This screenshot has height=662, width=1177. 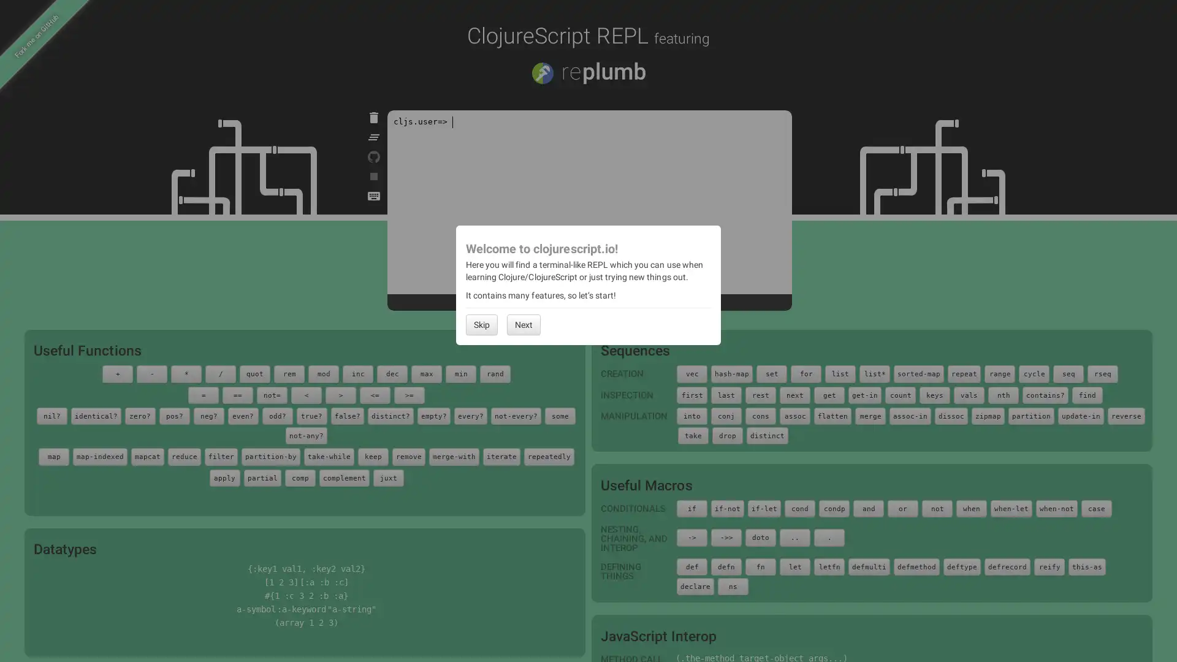 What do you see at coordinates (100, 456) in the screenshot?
I see `map-indexed` at bounding box center [100, 456].